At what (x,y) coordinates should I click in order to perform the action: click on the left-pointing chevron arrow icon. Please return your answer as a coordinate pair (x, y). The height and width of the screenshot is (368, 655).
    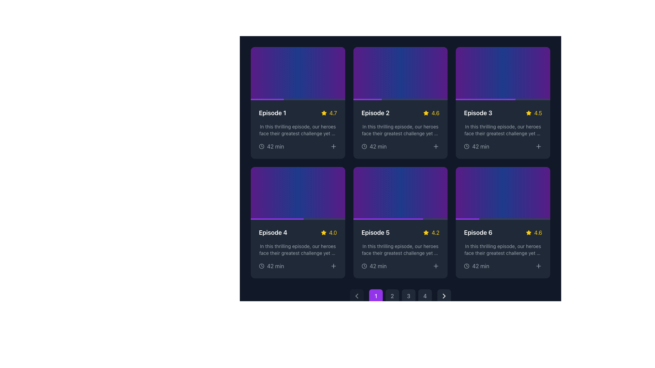
    Looking at the image, I should click on (356, 295).